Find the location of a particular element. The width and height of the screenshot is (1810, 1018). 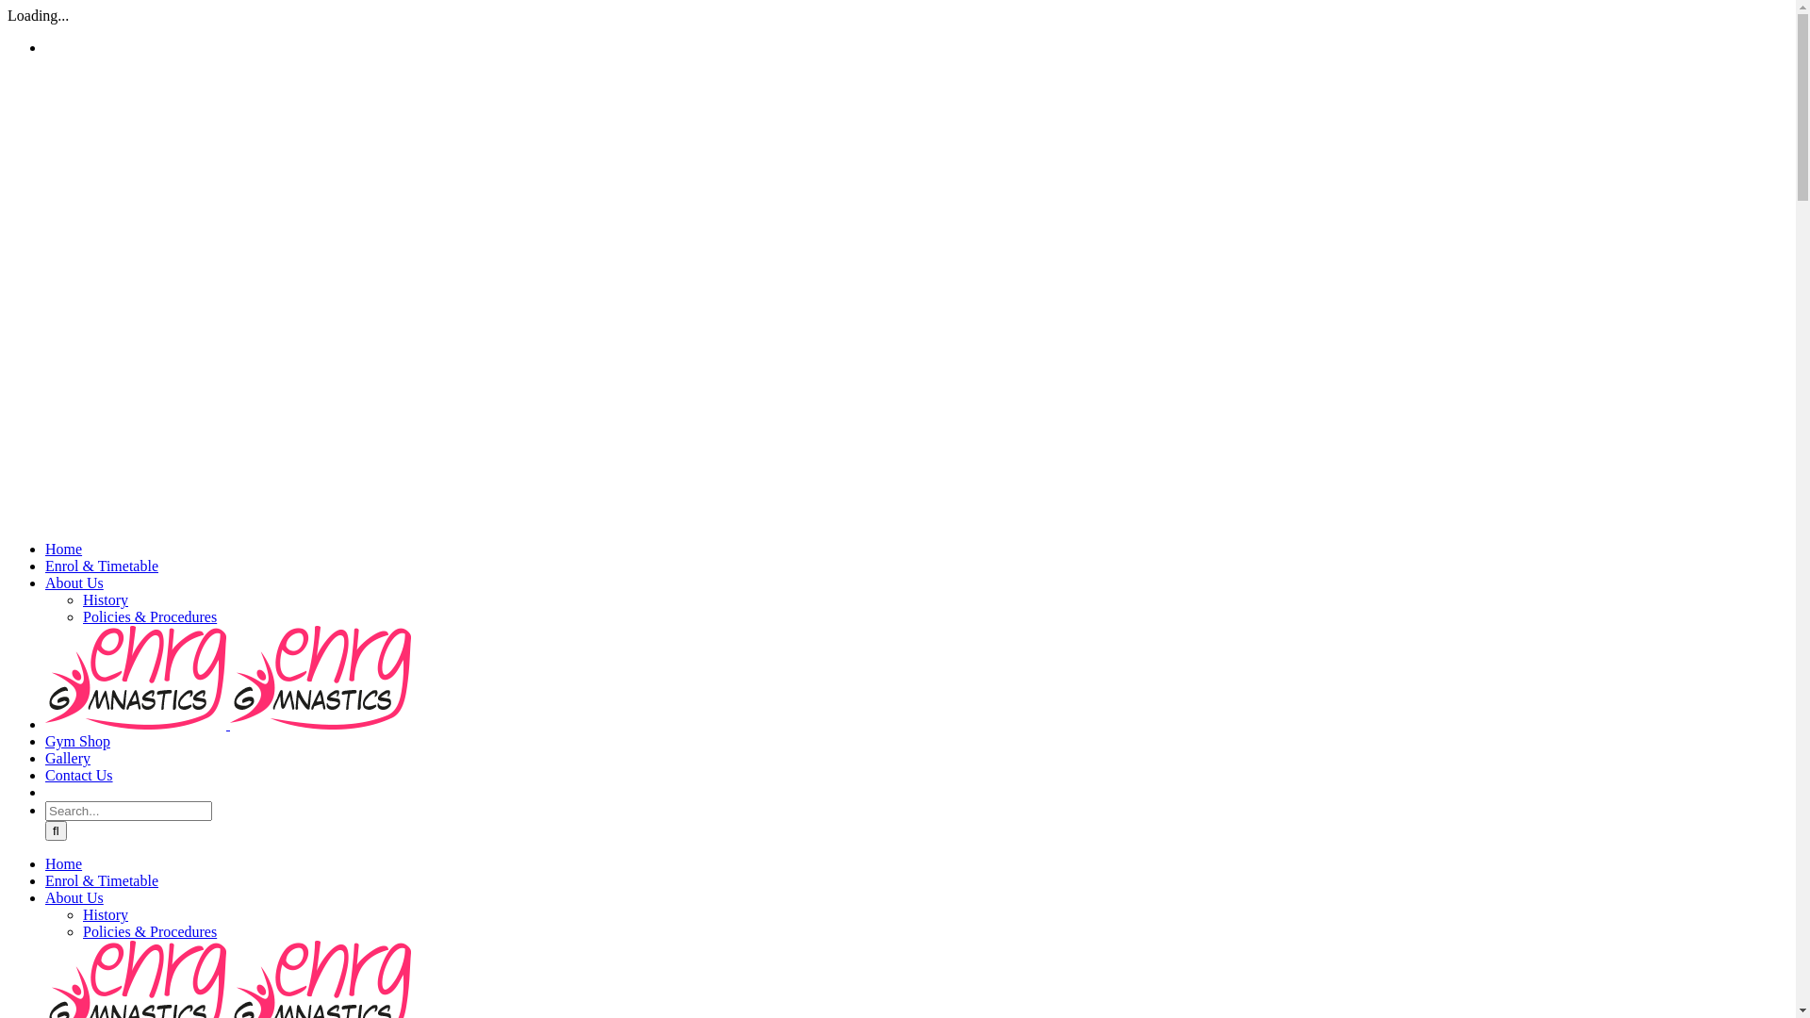

'Home' is located at coordinates (63, 549).